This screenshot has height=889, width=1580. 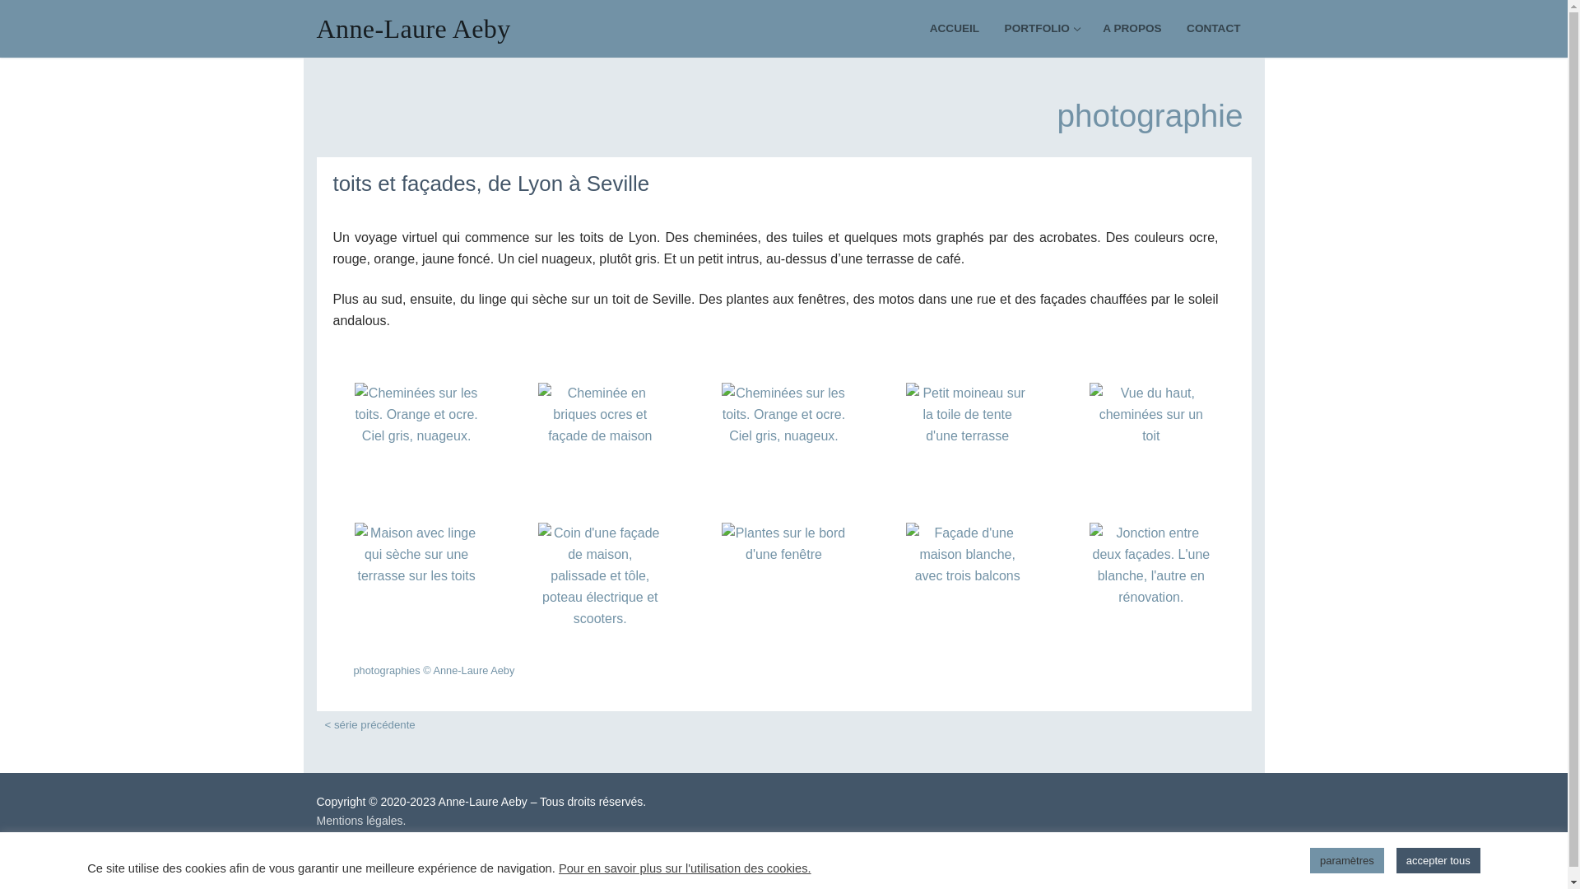 I want to click on 'Customify', so click(x=383, y=839).